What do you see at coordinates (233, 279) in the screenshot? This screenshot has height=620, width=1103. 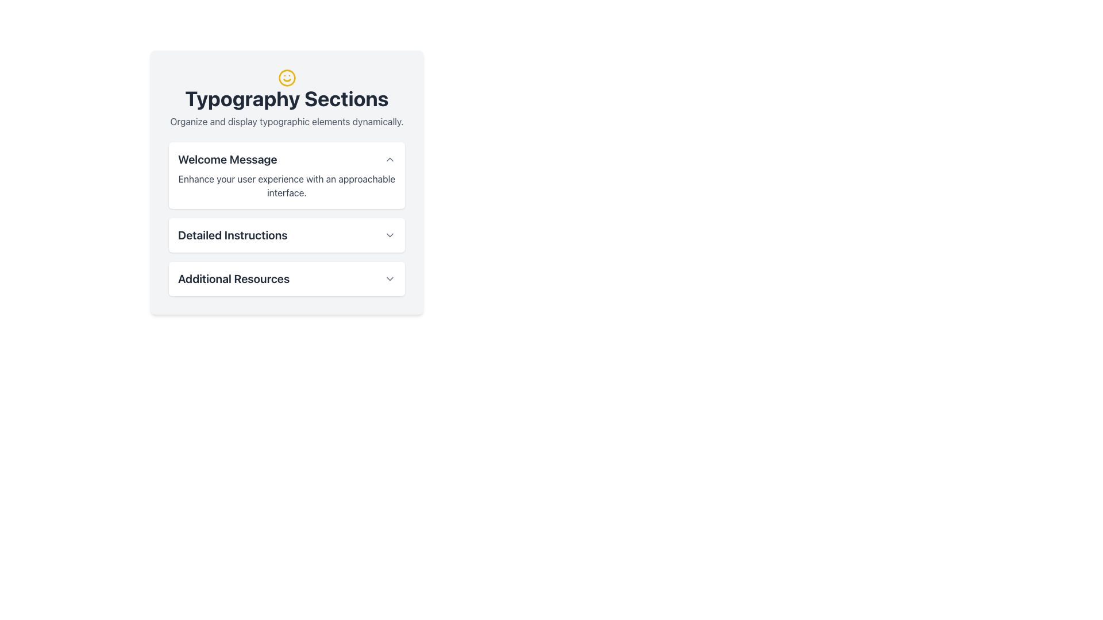 I see `text label serving as the heading for the content section, located at the center-left of the 'Typography Sections' panel, positioned below 'Welcome Message' and 'Detailed Instructions'` at bounding box center [233, 279].